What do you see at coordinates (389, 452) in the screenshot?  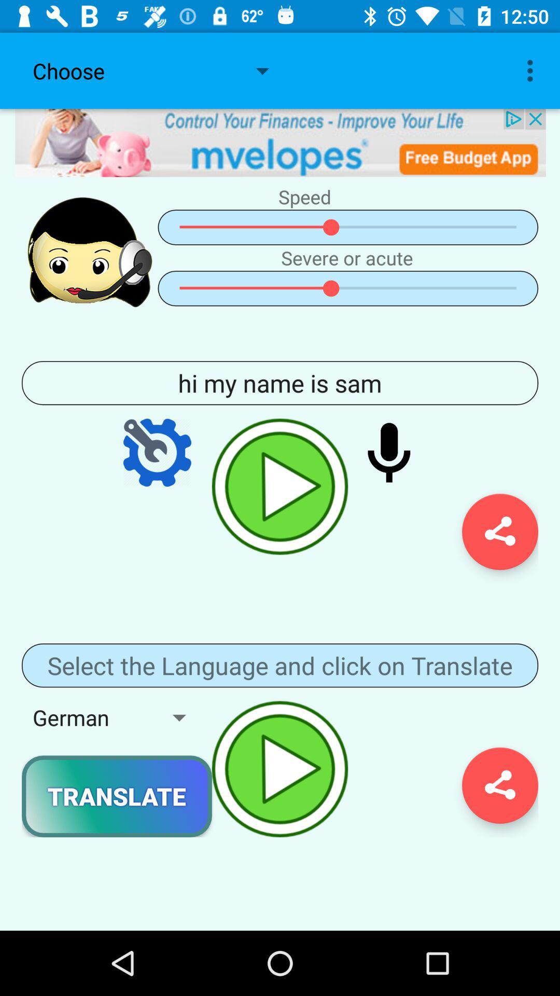 I see `record` at bounding box center [389, 452].